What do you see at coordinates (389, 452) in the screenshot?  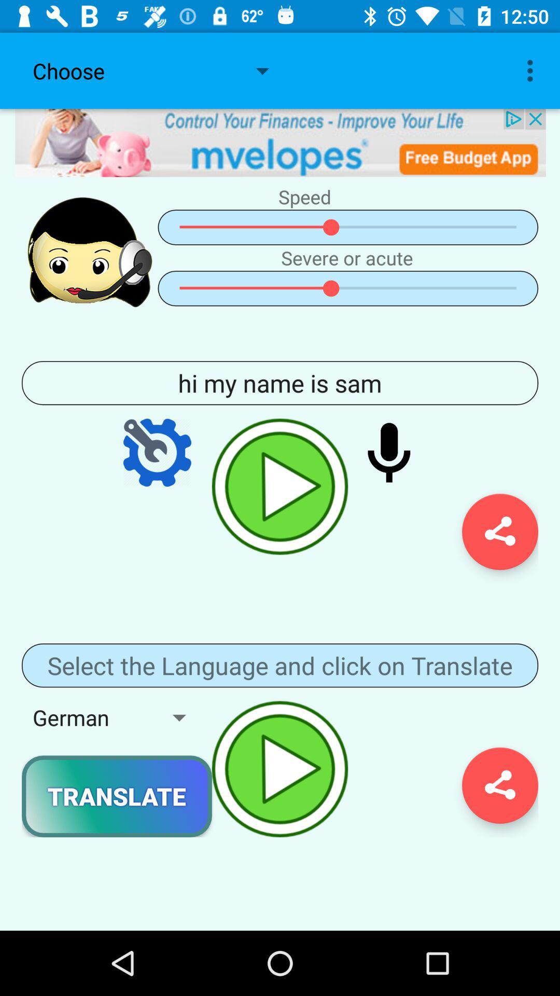 I see `record` at bounding box center [389, 452].